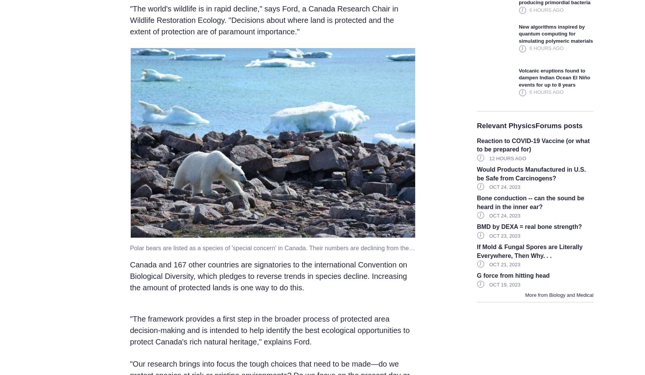  I want to click on 'If Mold & Fungal Spores are Literally Everywhere, Then Why. . .', so click(529, 251).